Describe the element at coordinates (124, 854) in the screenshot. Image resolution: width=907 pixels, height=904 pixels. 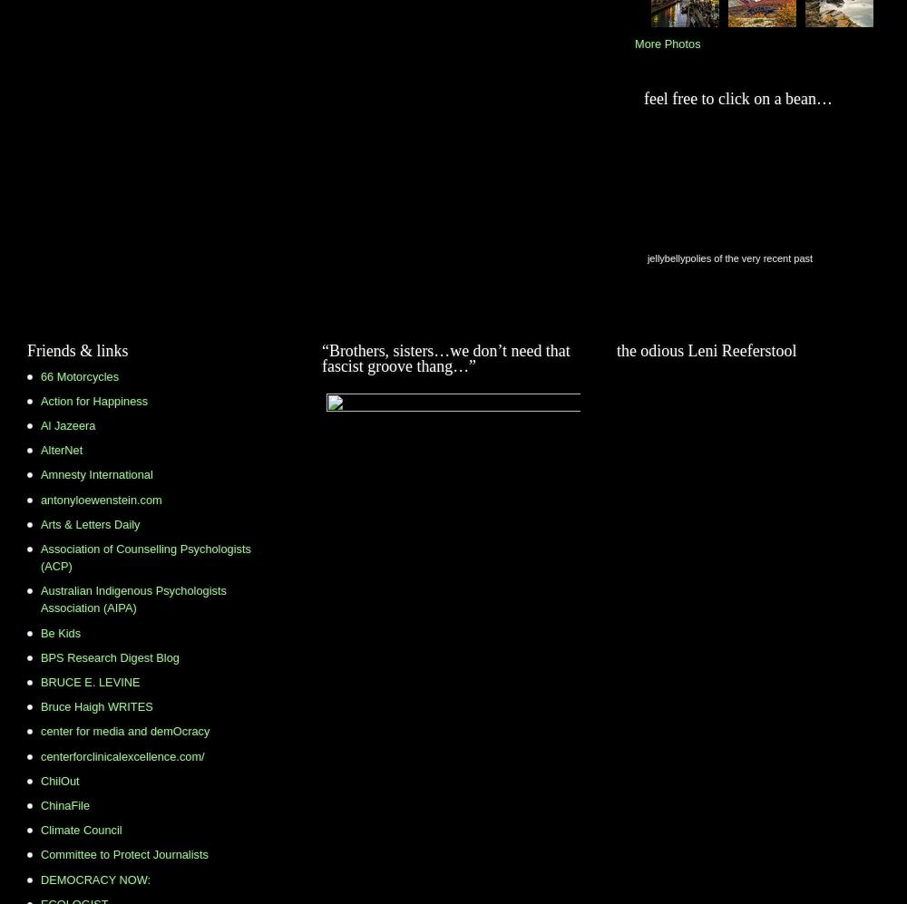
I see `'Committee to Protect Journalists'` at that location.